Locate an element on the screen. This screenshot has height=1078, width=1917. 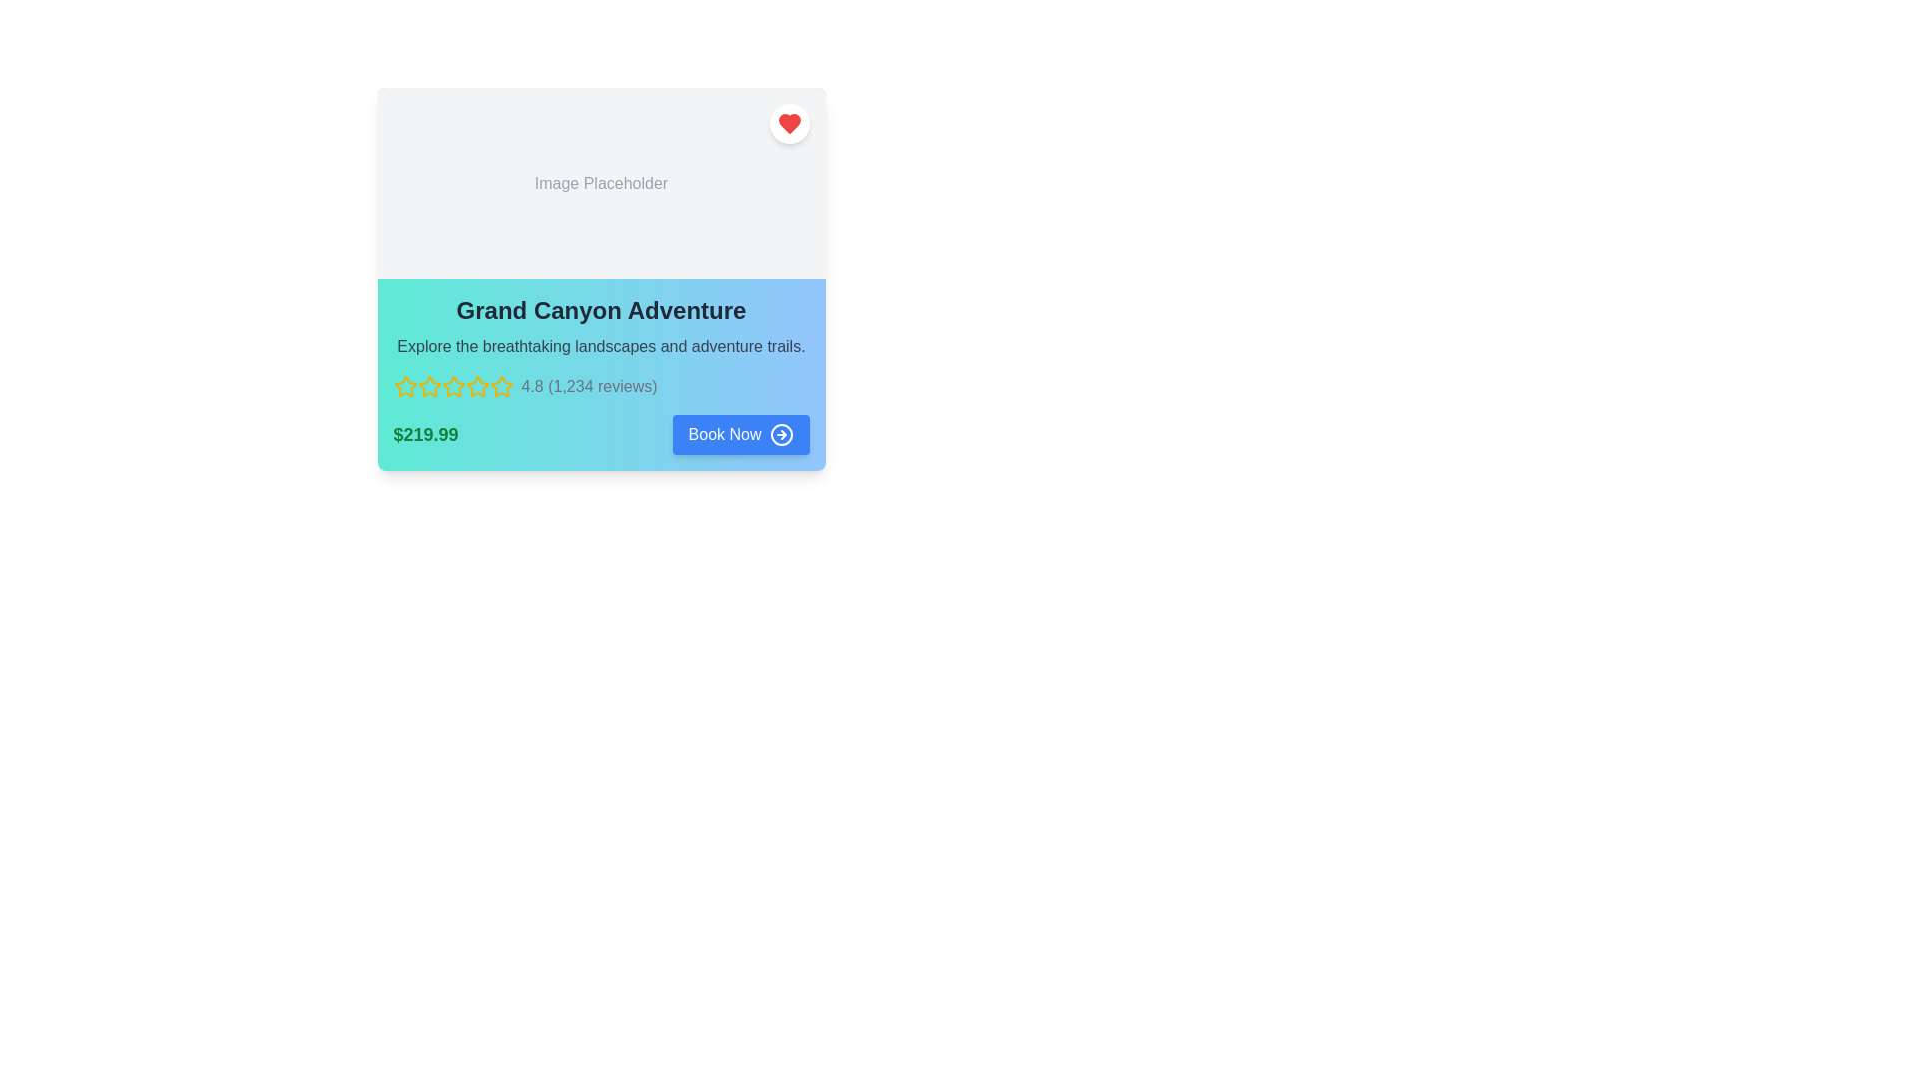
the call-to-action button for booking a service or item located at the bottom-right section of the card component is located at coordinates (723, 433).